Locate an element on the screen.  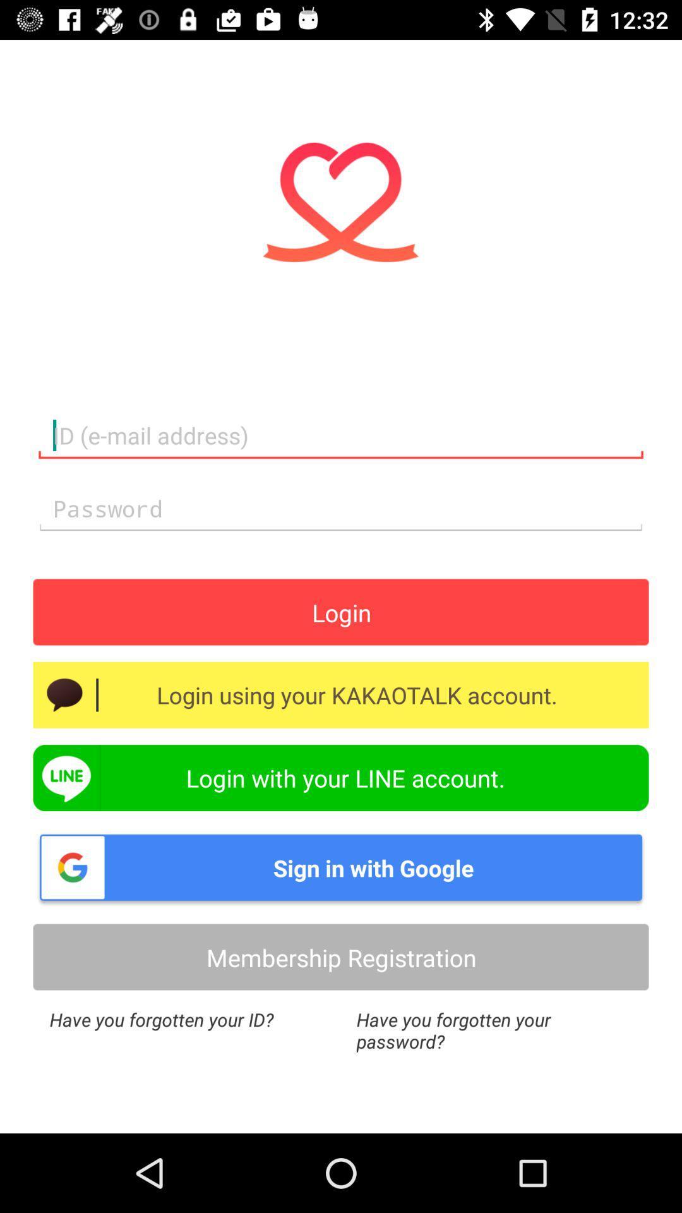
login email address typing field is located at coordinates (341, 436).